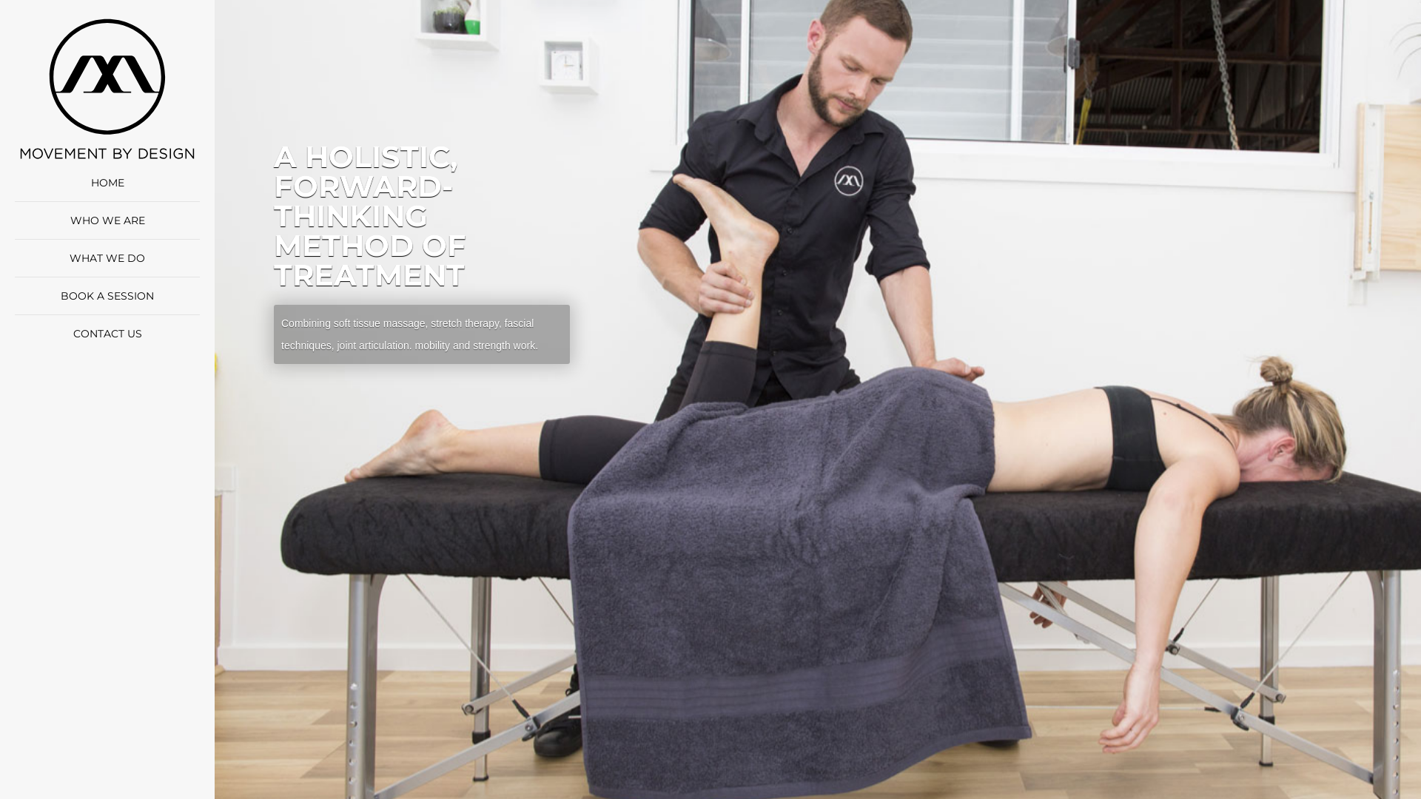 This screenshot has height=799, width=1421. What do you see at coordinates (106, 181) in the screenshot?
I see `'HOME'` at bounding box center [106, 181].